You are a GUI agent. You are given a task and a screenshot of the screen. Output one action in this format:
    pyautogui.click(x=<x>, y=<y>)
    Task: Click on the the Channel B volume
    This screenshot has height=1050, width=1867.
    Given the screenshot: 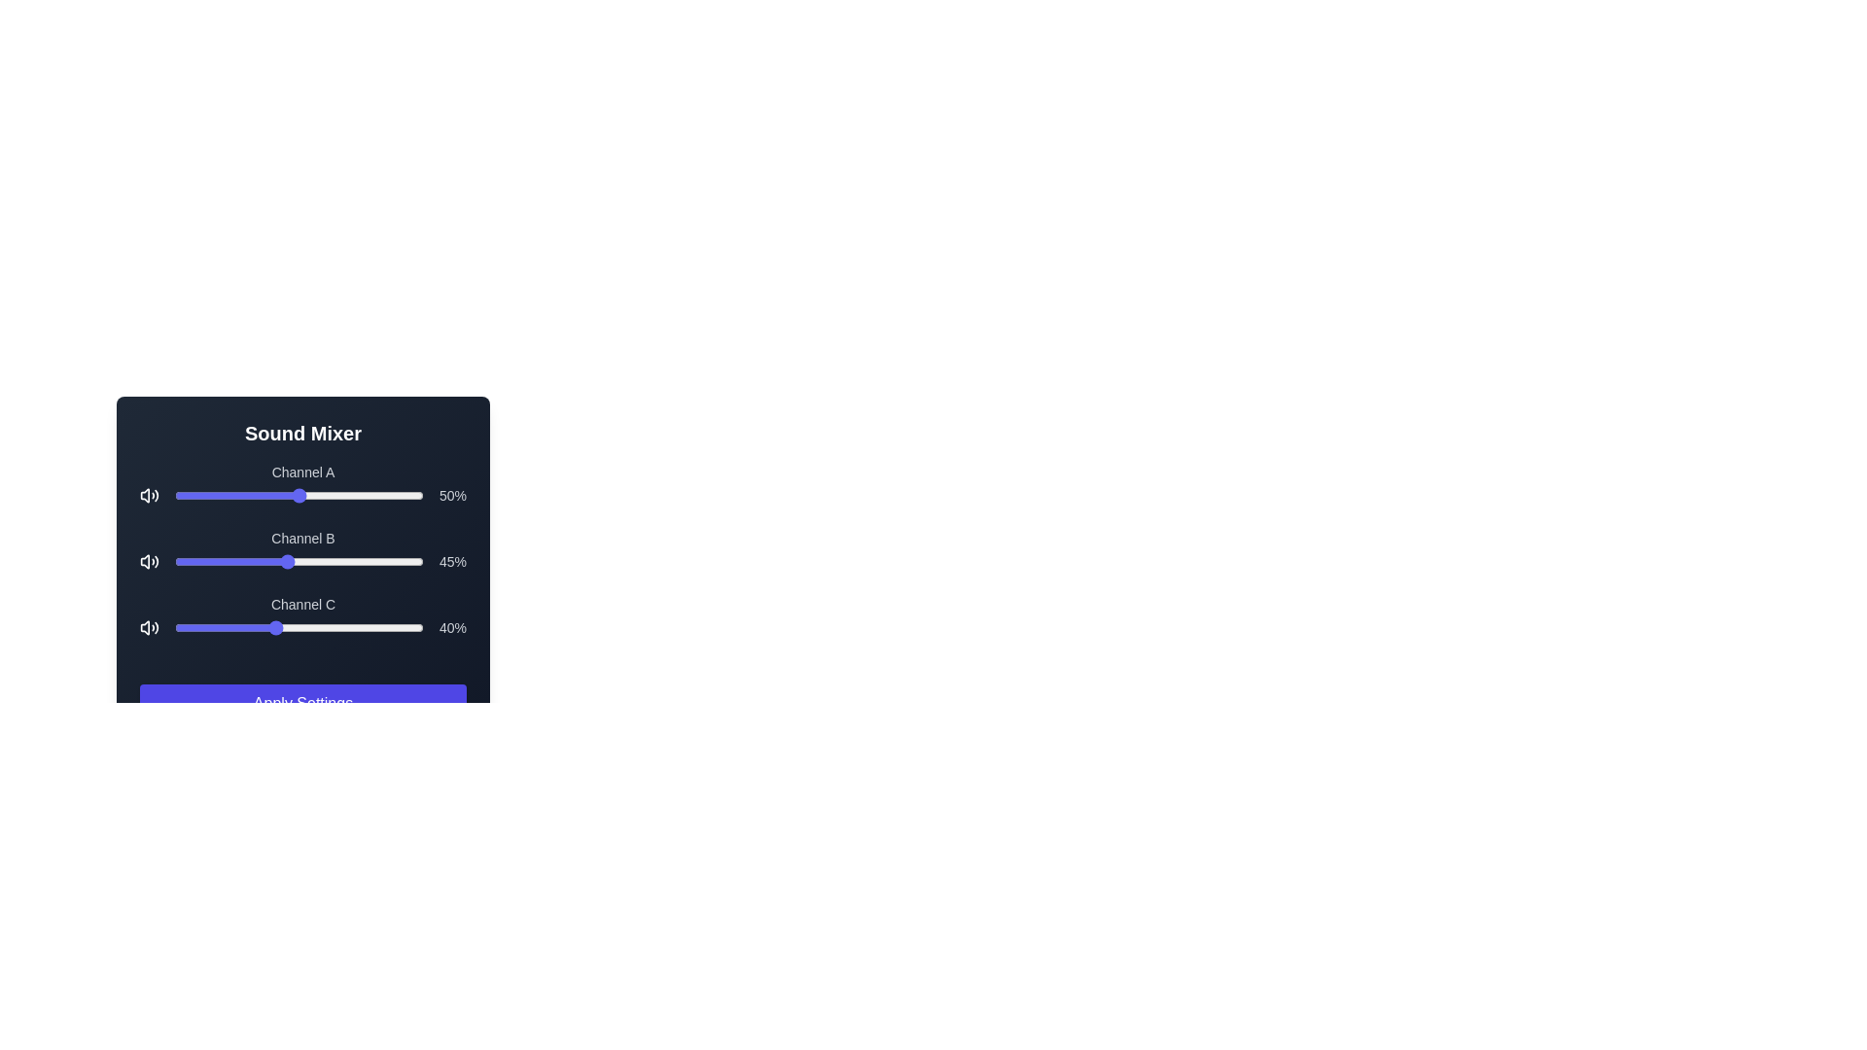 What is the action you would take?
    pyautogui.click(x=219, y=562)
    